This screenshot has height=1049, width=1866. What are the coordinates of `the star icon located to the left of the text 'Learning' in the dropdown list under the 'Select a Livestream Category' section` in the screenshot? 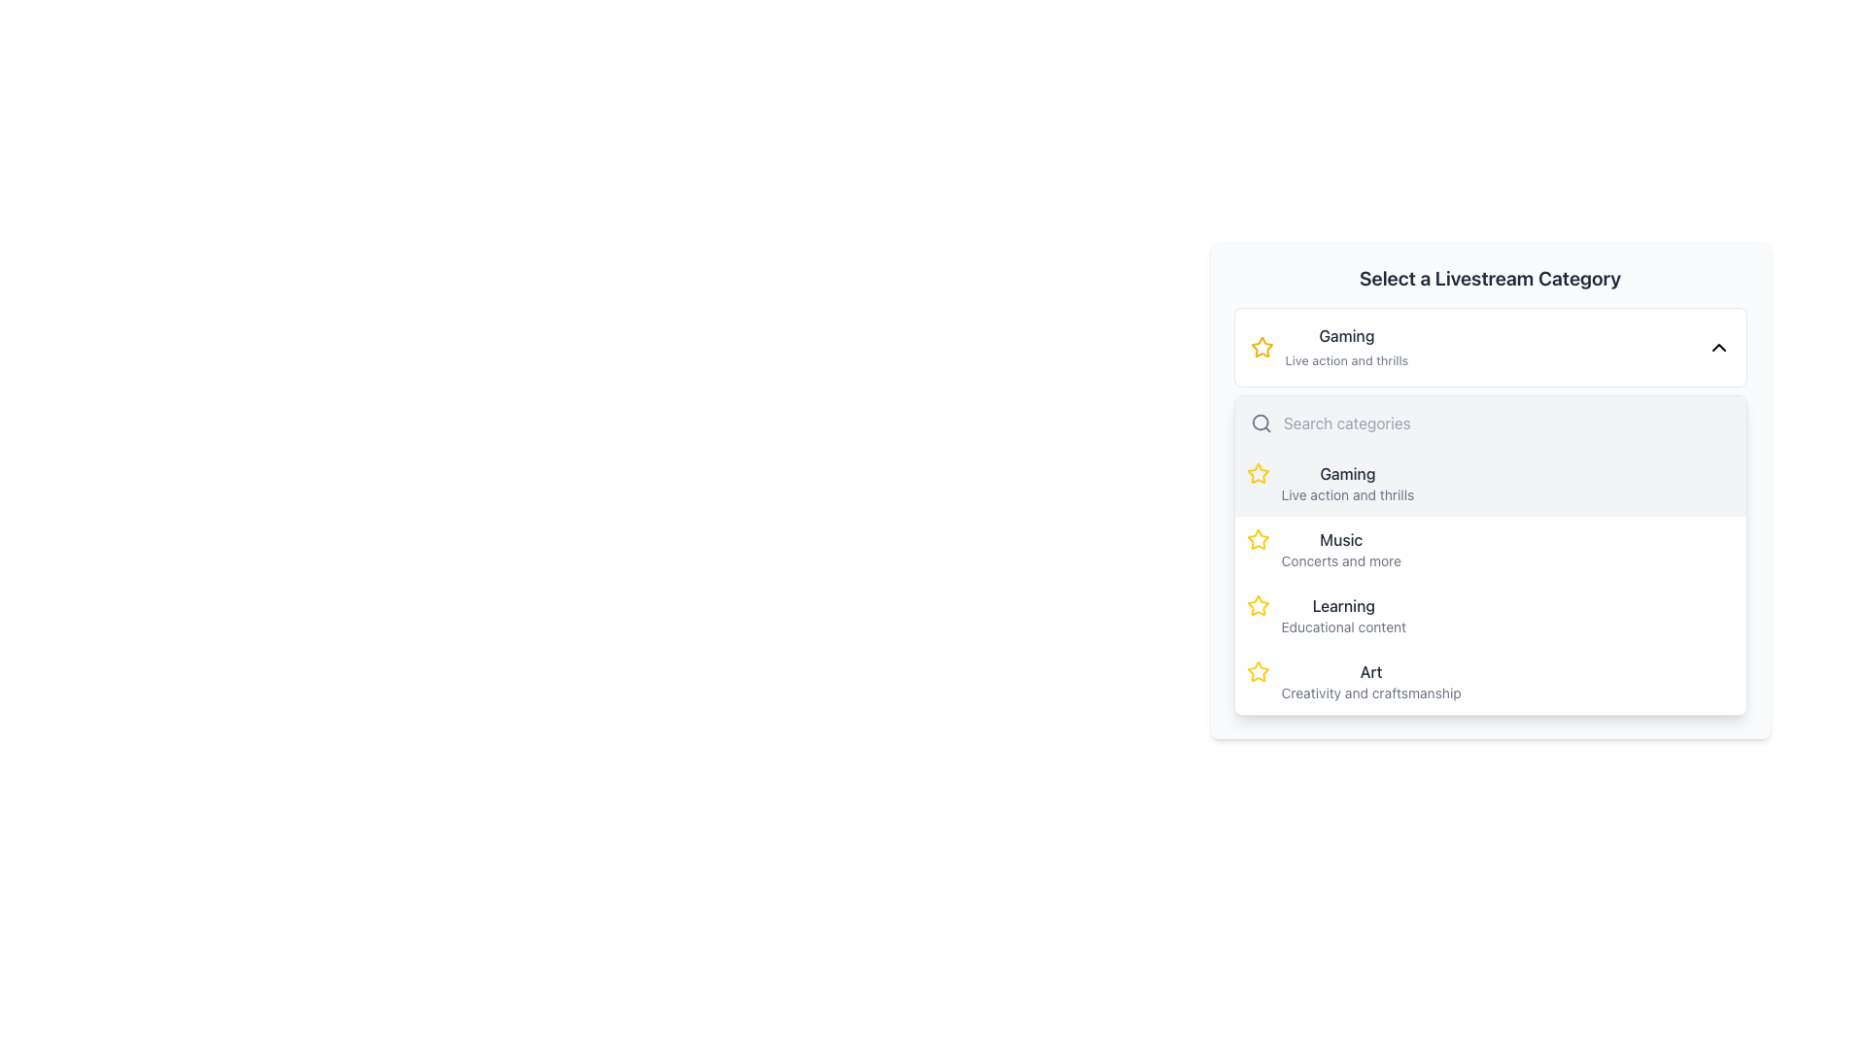 It's located at (1258, 605).